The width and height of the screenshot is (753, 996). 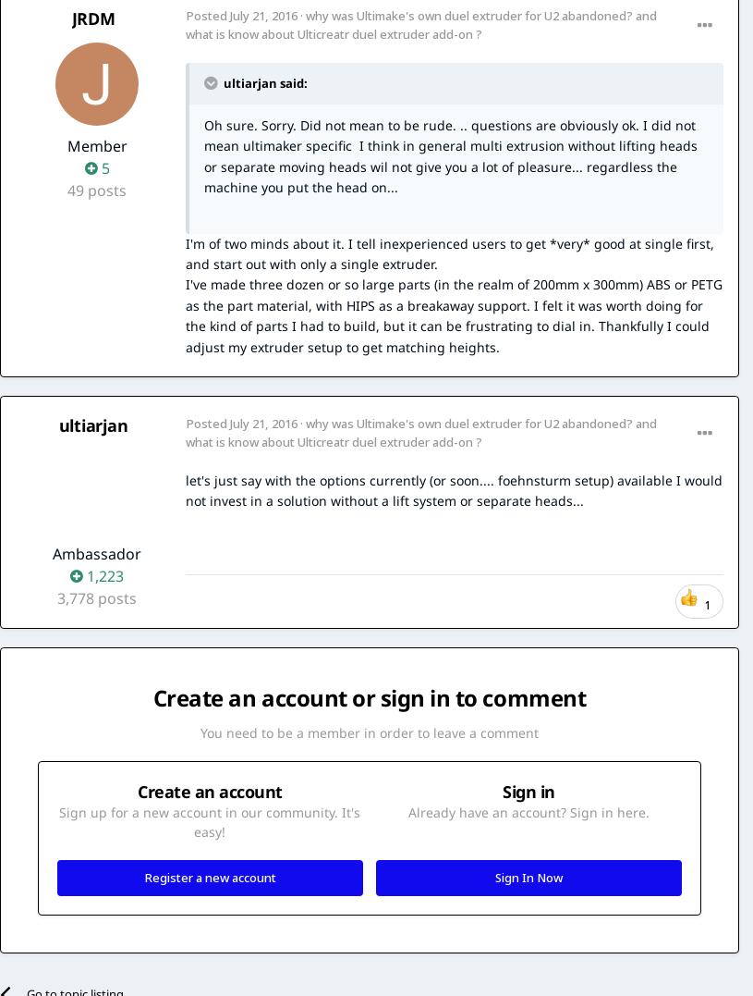 What do you see at coordinates (209, 790) in the screenshot?
I see `'Create an account'` at bounding box center [209, 790].